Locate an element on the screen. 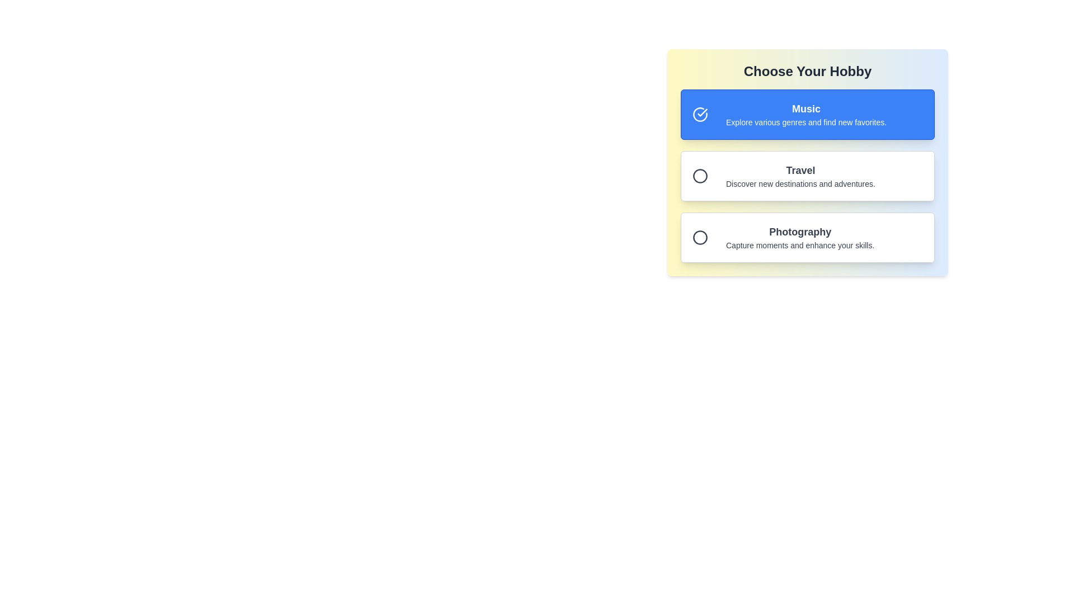 Image resolution: width=1074 pixels, height=604 pixels. the 'Music' selectable item, which is the first option in a vertical list of categories is located at coordinates (808, 114).